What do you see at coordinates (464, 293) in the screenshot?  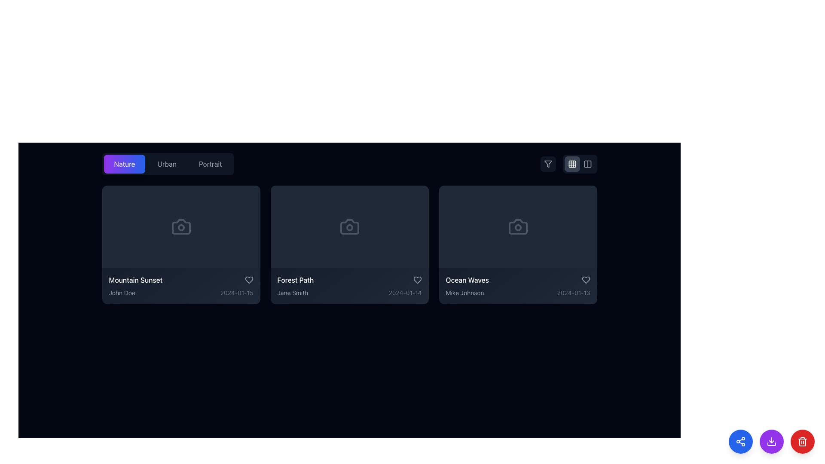 I see `text label displaying 'Mike Johnson' which is located below the title 'Ocean Waves' in the third item of a horizontal list` at bounding box center [464, 293].